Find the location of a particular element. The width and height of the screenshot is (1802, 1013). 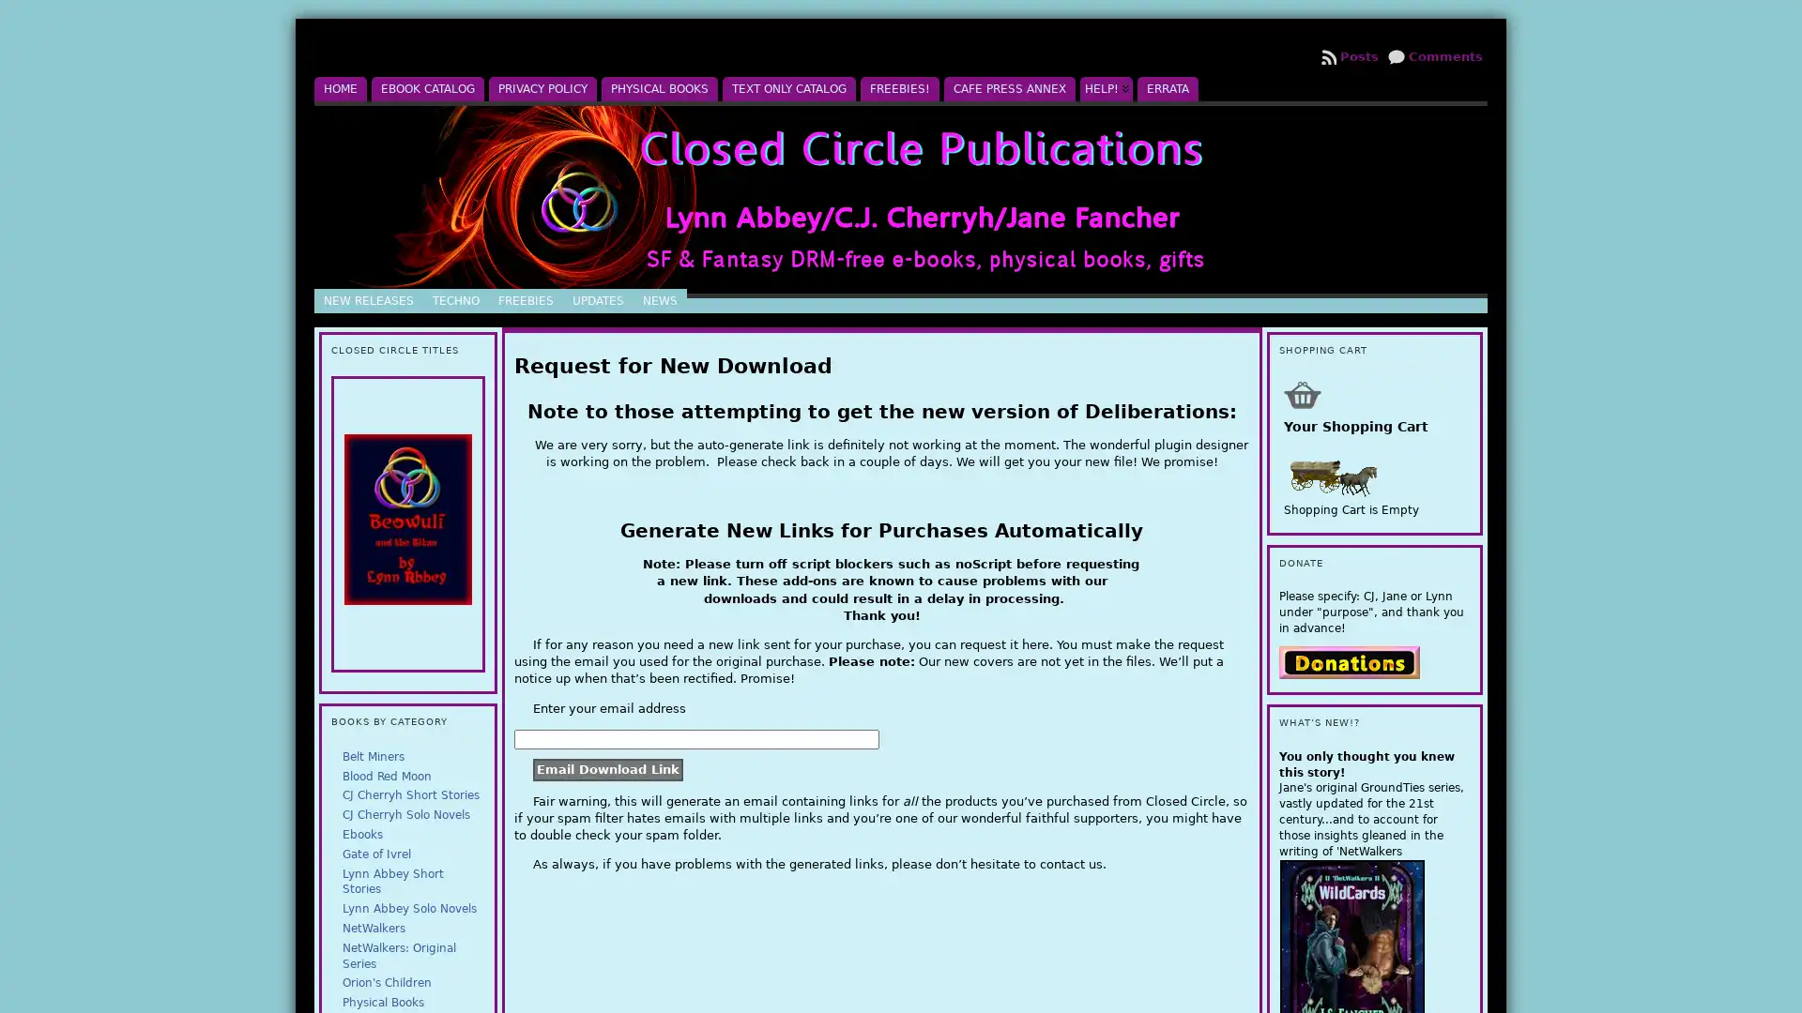

PayPal - The safer, easier way to pay online. is located at coordinates (1347, 660).